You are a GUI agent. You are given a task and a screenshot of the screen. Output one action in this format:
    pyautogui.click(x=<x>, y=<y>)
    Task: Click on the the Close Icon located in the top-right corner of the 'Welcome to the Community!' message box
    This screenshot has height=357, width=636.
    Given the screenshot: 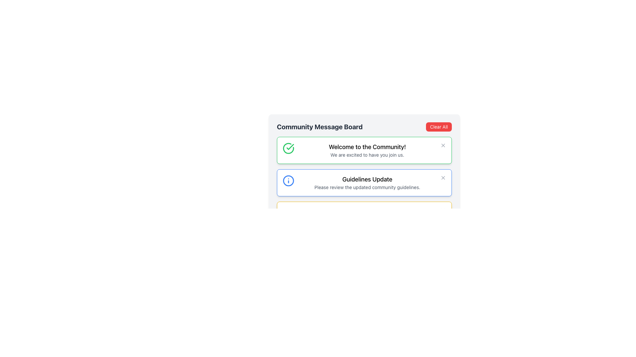 What is the action you would take?
    pyautogui.click(x=443, y=145)
    